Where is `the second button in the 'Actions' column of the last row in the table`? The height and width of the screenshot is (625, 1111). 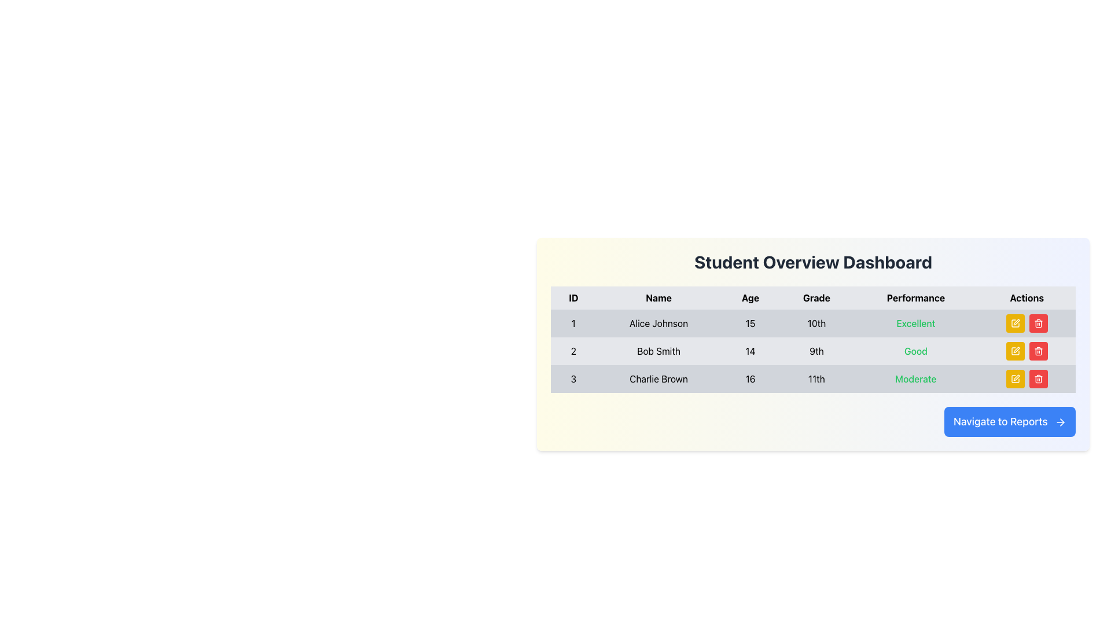
the second button in the 'Actions' column of the last row in the table is located at coordinates (1038, 379).